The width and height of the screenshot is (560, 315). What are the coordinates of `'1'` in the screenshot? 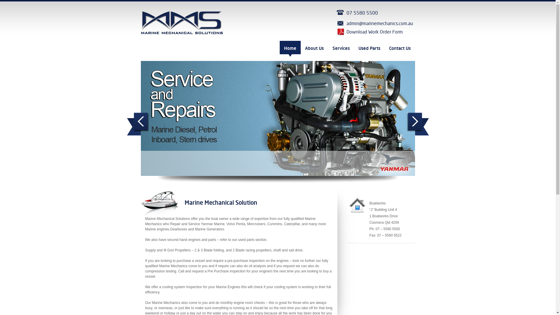 It's located at (216, 185).